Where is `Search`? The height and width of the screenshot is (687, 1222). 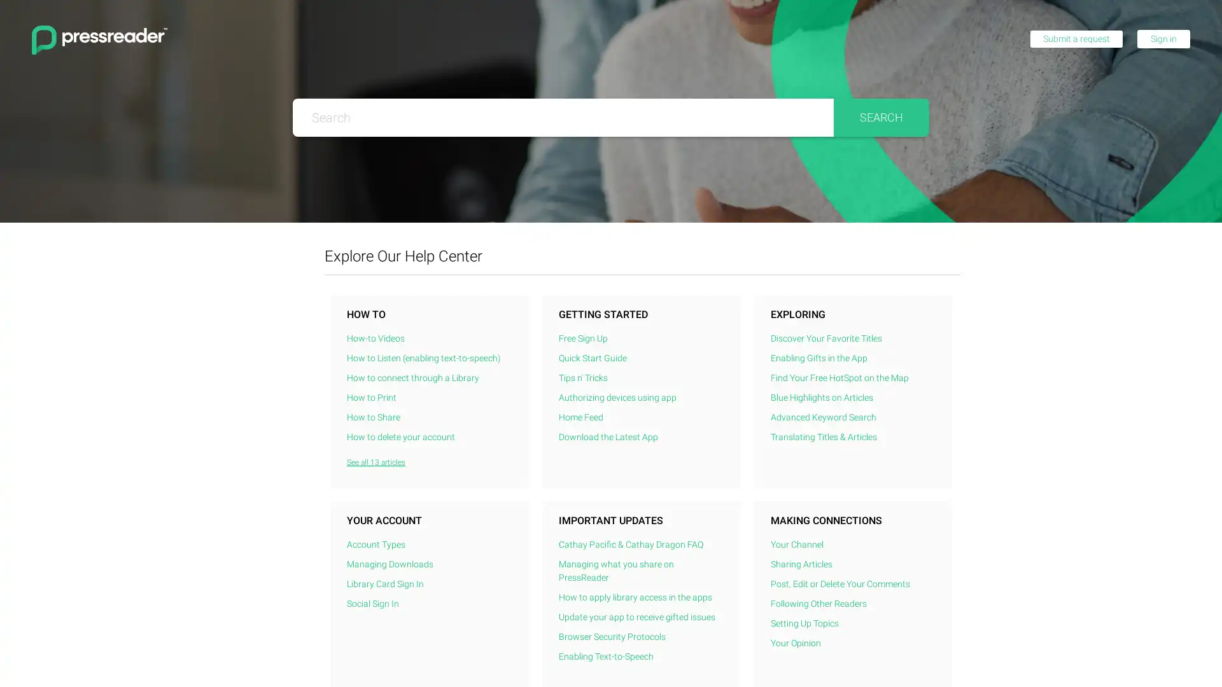 Search is located at coordinates (881, 118).